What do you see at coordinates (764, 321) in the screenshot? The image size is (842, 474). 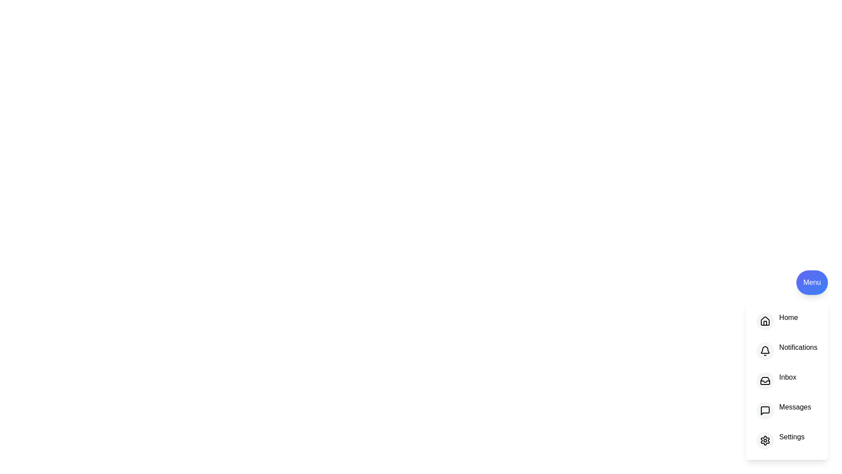 I see `the option Home from the menu` at bounding box center [764, 321].